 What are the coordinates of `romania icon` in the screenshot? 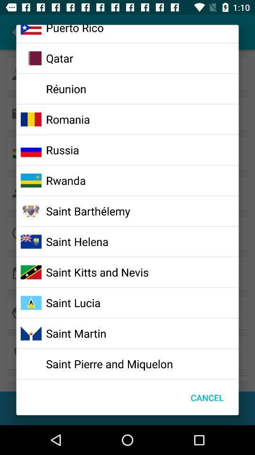 It's located at (68, 118).